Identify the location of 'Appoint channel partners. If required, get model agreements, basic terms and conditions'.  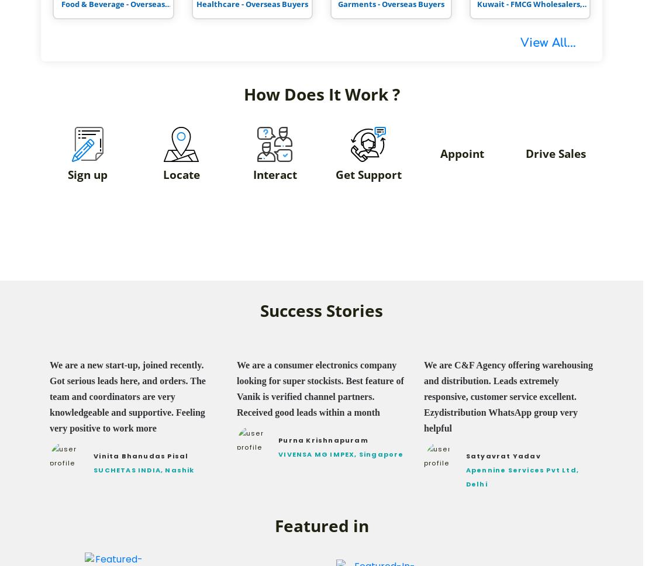
(461, 211).